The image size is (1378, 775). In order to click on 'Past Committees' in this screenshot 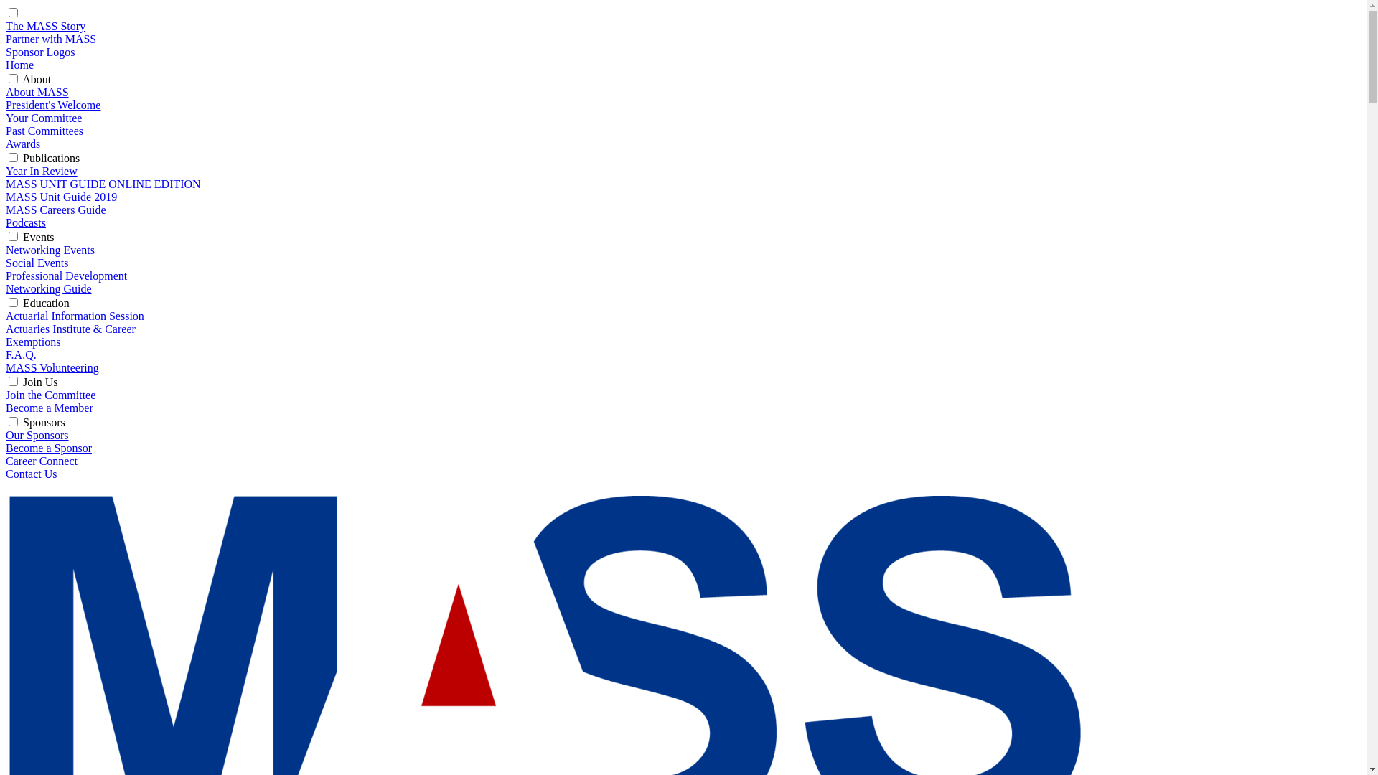, I will do `click(44, 131)`.